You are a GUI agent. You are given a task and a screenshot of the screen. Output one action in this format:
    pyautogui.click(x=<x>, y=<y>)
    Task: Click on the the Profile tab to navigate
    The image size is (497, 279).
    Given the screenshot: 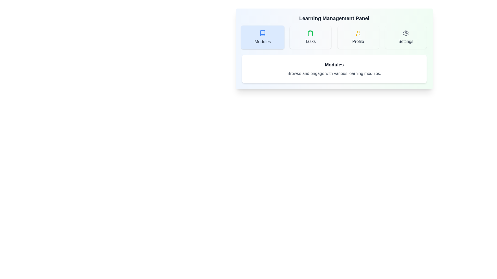 What is the action you would take?
    pyautogui.click(x=358, y=37)
    